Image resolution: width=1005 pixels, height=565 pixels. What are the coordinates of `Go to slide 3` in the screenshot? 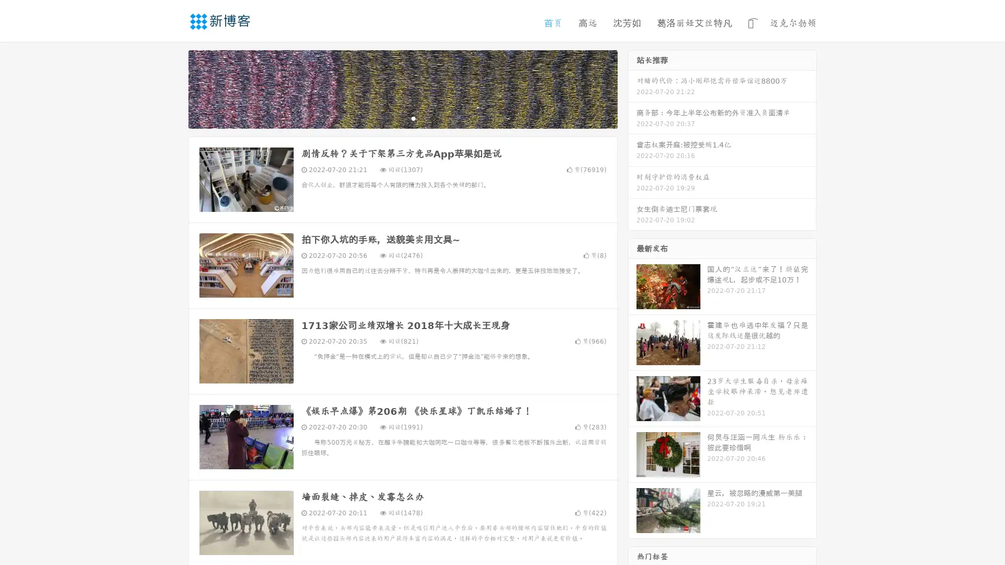 It's located at (413, 118).